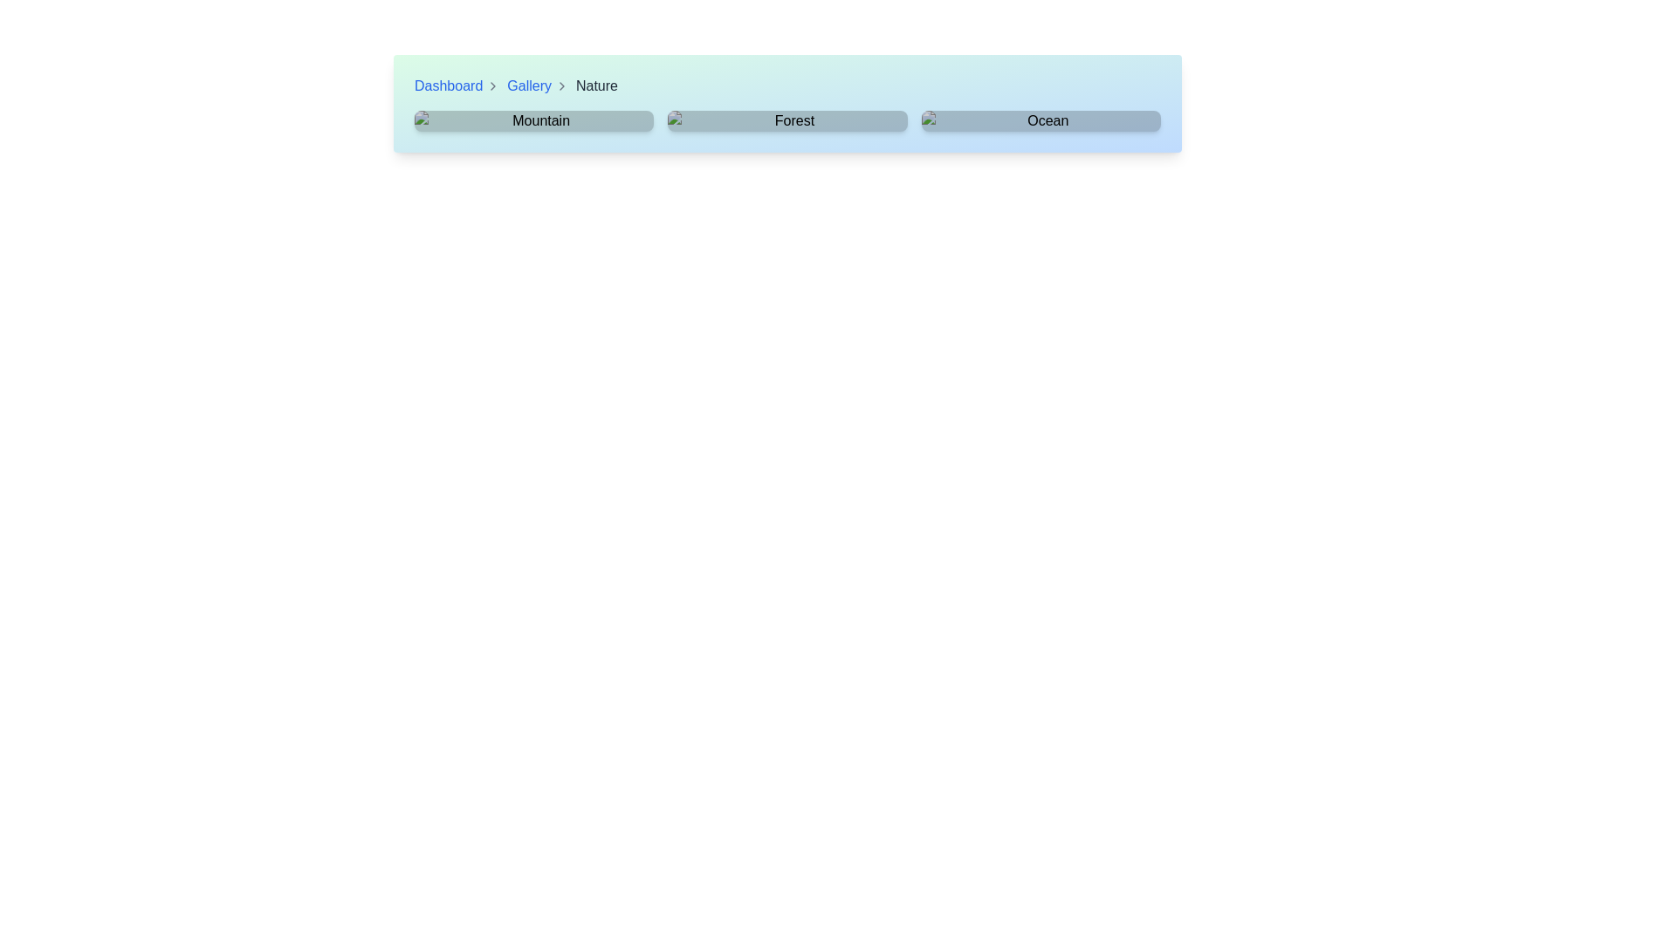 The height and width of the screenshot is (942, 1676). What do you see at coordinates (449, 86) in the screenshot?
I see `the 'Dashboard' hyperlink` at bounding box center [449, 86].